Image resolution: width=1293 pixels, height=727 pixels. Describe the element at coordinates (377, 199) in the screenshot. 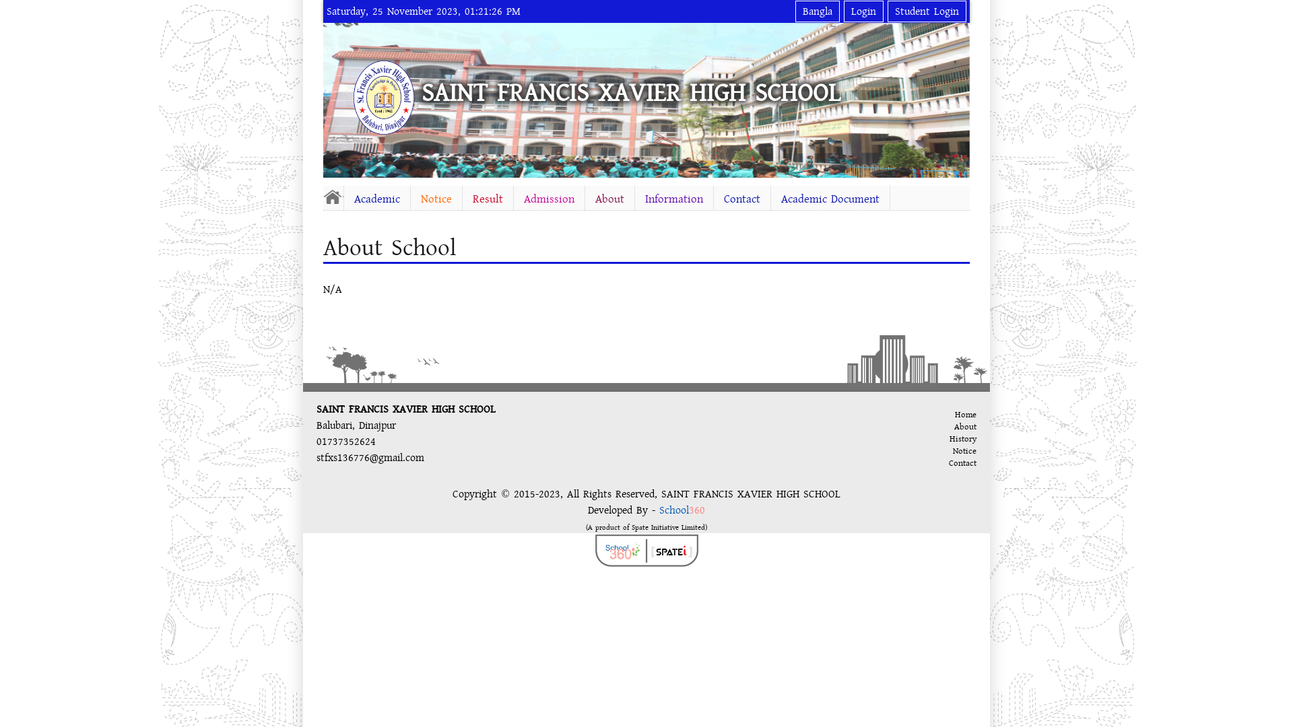

I see `'Academic'` at that location.